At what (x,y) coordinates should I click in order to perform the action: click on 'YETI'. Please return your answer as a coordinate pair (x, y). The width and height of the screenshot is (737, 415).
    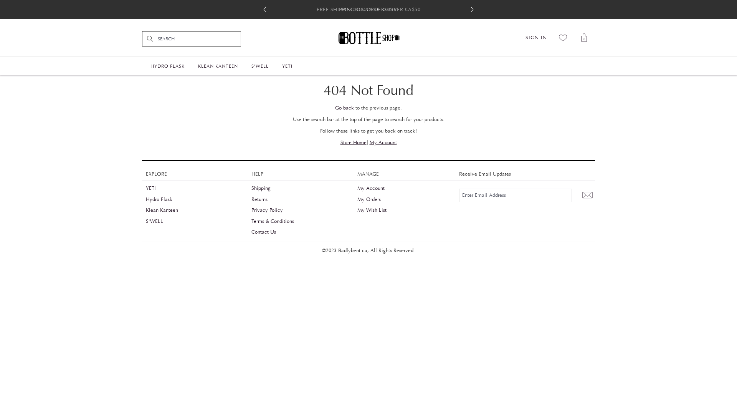
    Looking at the image, I should click on (151, 188).